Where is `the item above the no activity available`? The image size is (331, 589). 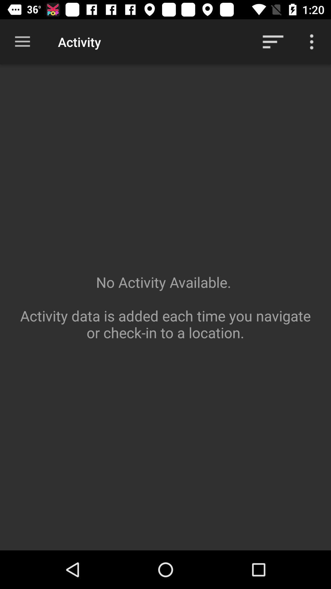 the item above the no activity available is located at coordinates (22, 41).